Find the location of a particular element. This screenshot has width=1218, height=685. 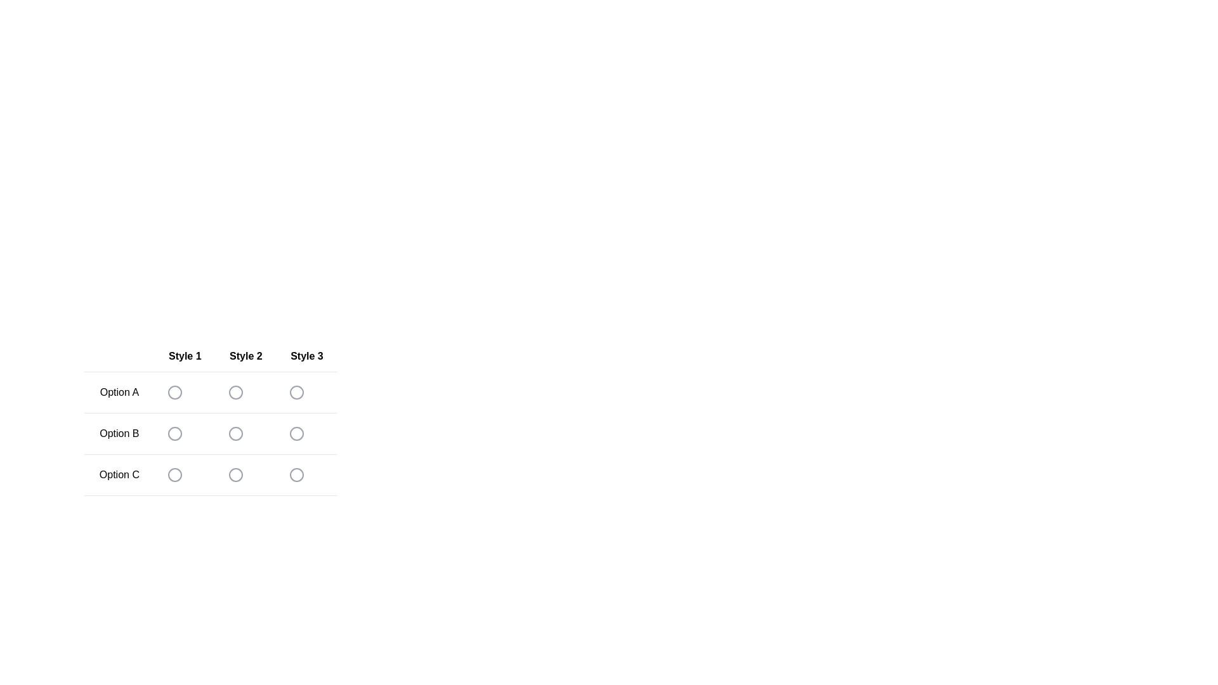

the third text label that categorizes the options based on 'Style 3', located above the multiple-choice options is located at coordinates (307, 356).